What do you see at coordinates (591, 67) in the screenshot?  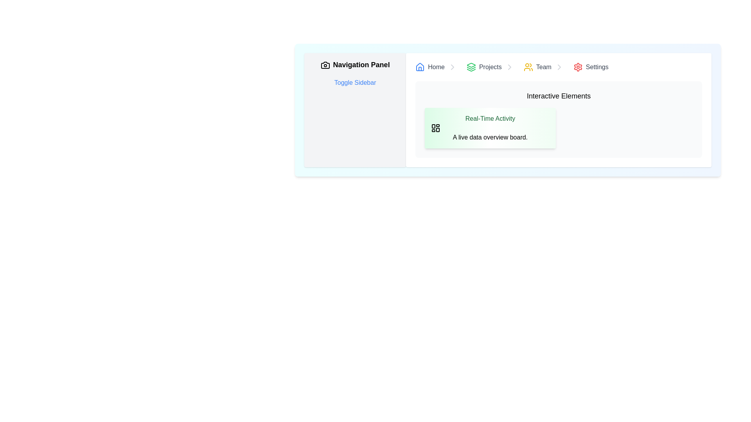 I see `the hyperlink element for the settings page, which is the fourth item in the horizontal breadcrumb navigation bar, to trigger hover effects` at bounding box center [591, 67].